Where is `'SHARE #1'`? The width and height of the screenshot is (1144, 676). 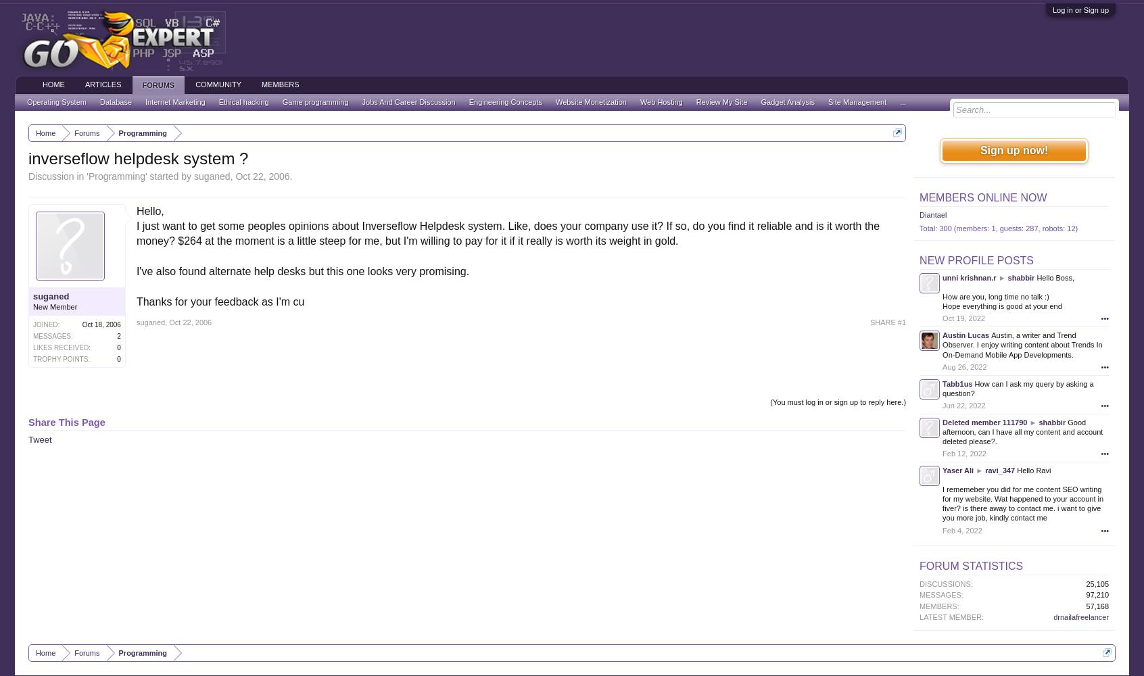 'SHARE #1' is located at coordinates (886, 322).